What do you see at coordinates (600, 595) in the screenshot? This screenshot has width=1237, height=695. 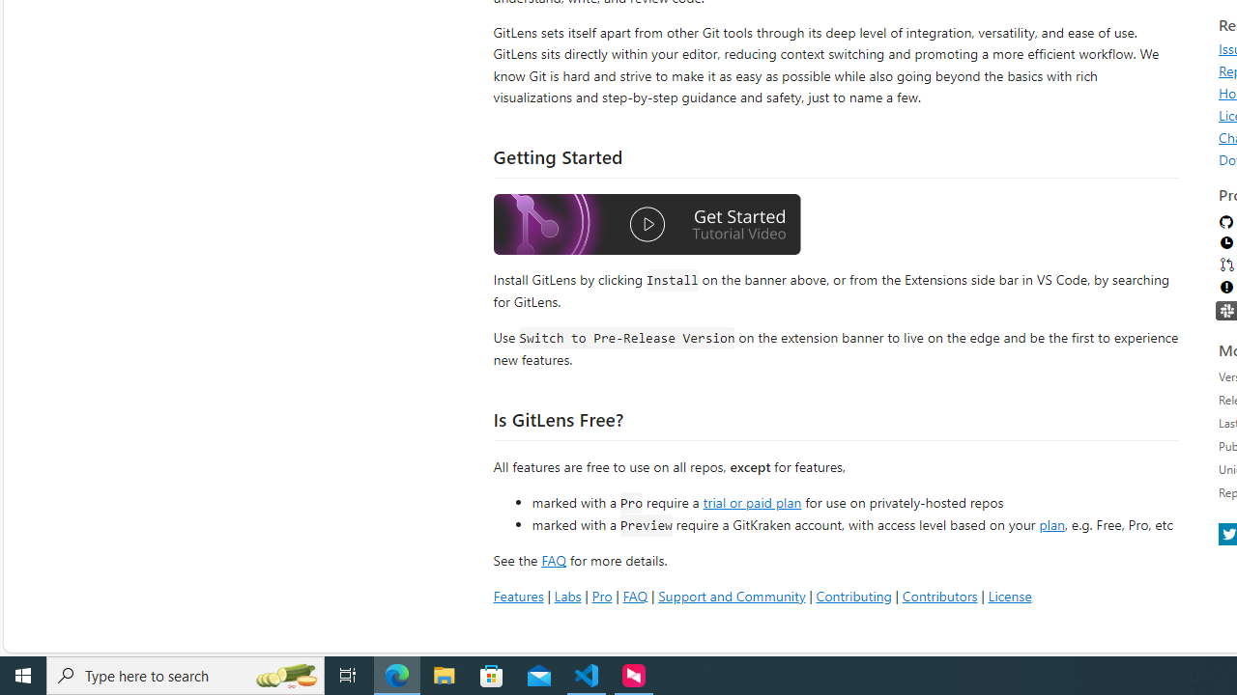 I see `'Pro'` at bounding box center [600, 595].